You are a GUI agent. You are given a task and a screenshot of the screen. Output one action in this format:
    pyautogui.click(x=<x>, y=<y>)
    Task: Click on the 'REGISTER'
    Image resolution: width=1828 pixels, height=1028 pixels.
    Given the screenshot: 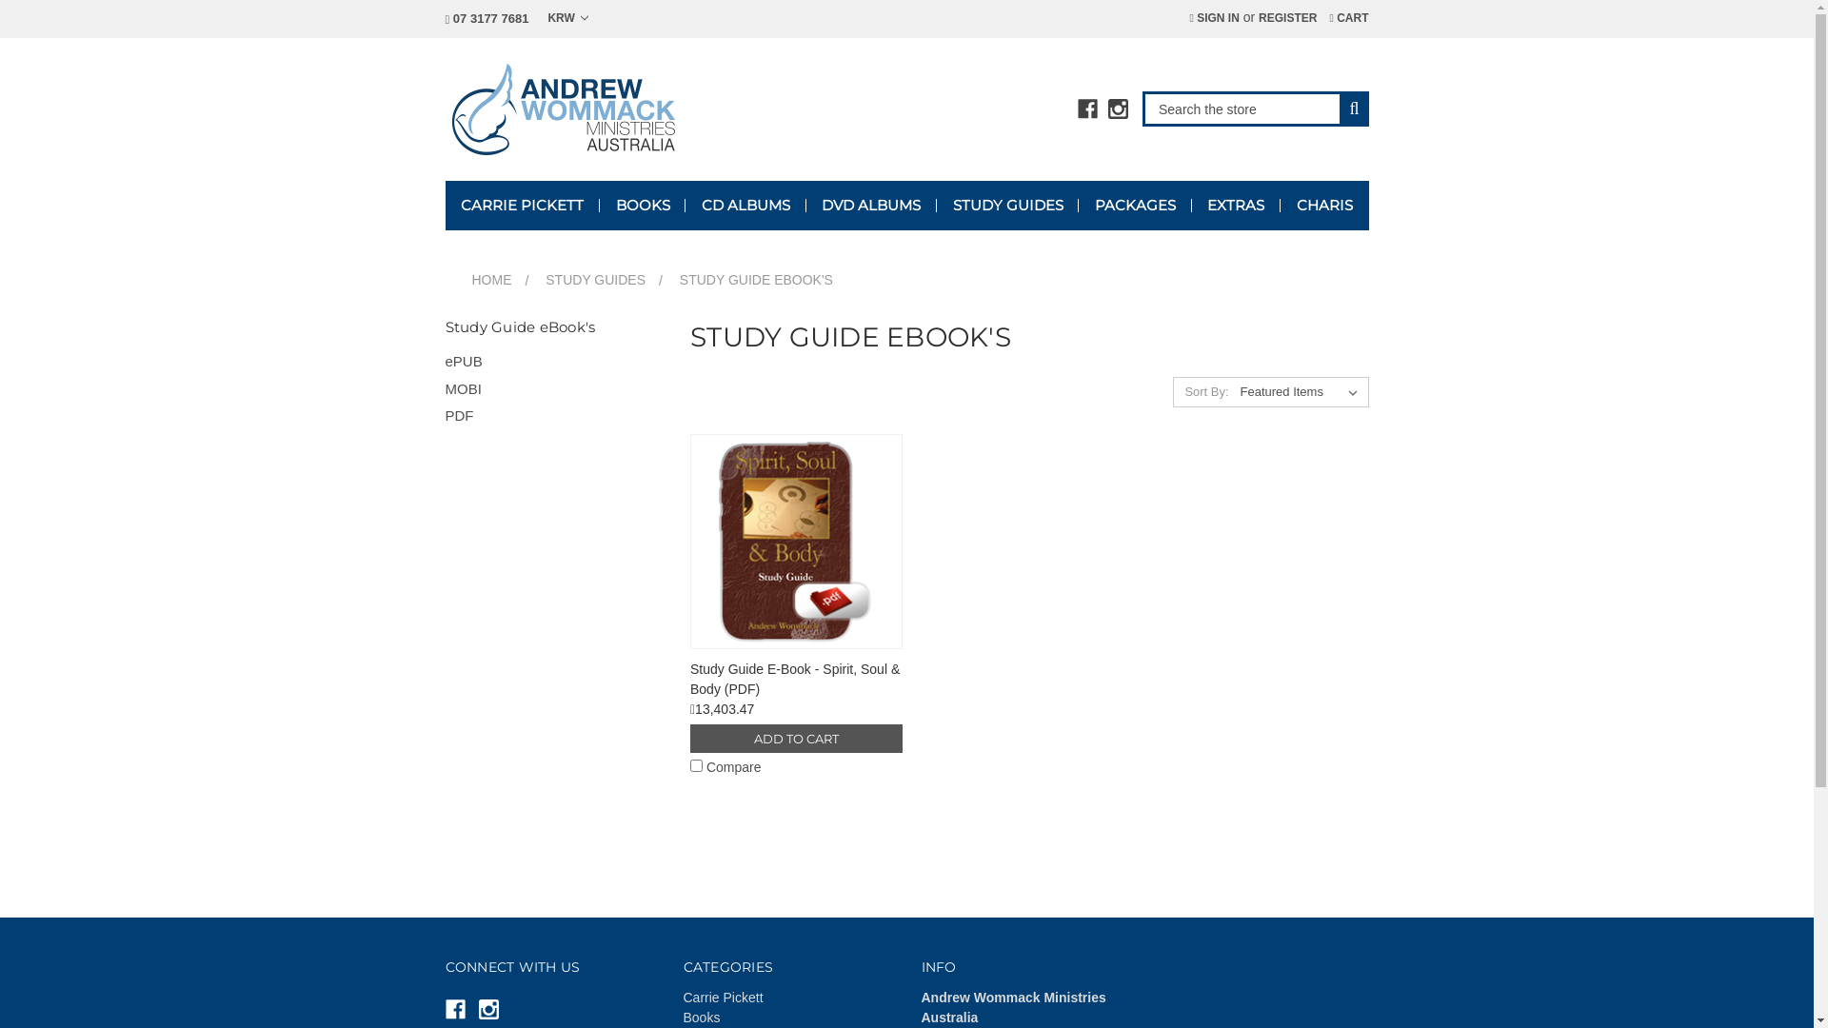 What is the action you would take?
    pyautogui.click(x=1248, y=18)
    